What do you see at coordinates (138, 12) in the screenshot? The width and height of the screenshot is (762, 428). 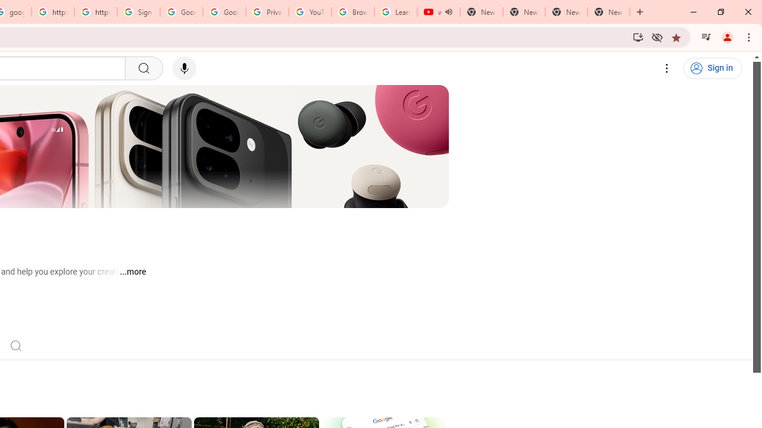 I see `'Sign in - Google Accounts'` at bounding box center [138, 12].